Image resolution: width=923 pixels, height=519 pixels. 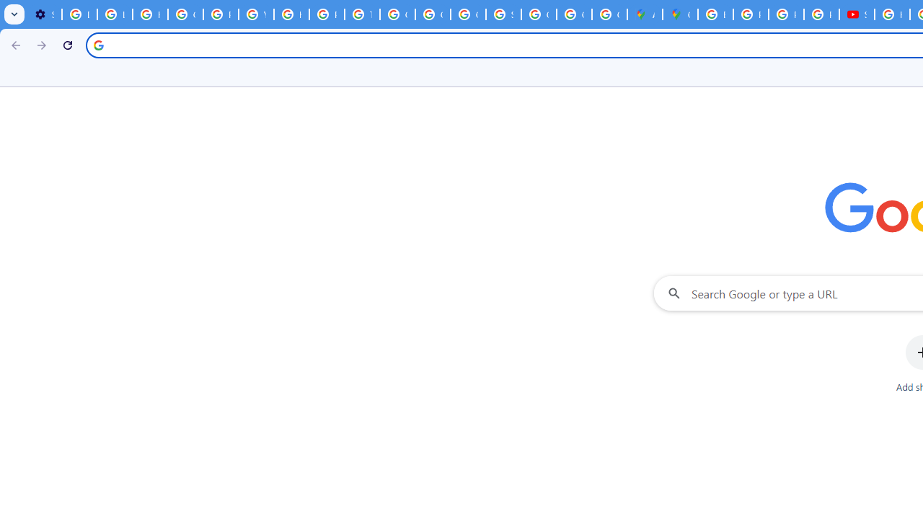 I want to click on 'Settings - Customize profile', so click(x=44, y=14).